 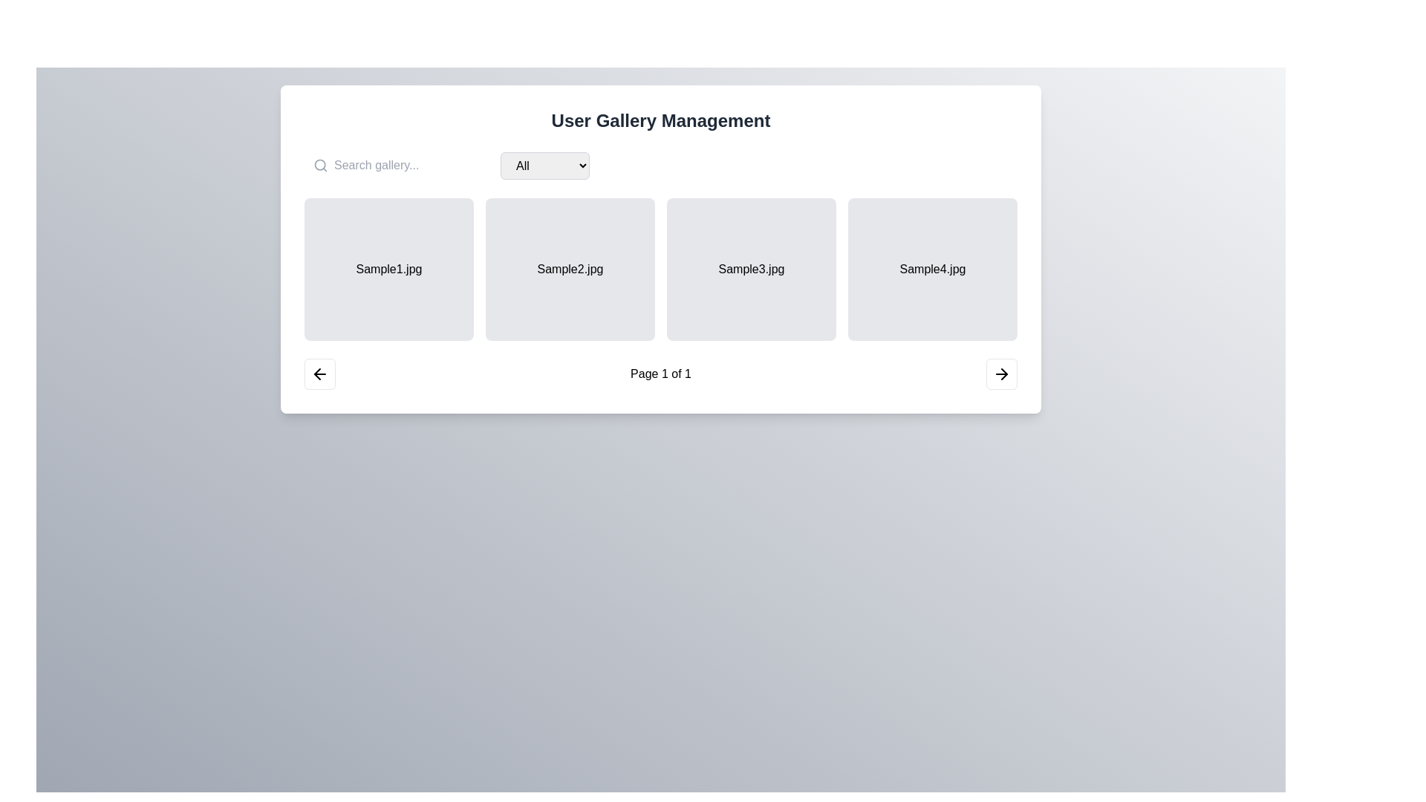 I want to click on the fourth image tile displaying 'Sample4.jpg', so click(x=932, y=269).